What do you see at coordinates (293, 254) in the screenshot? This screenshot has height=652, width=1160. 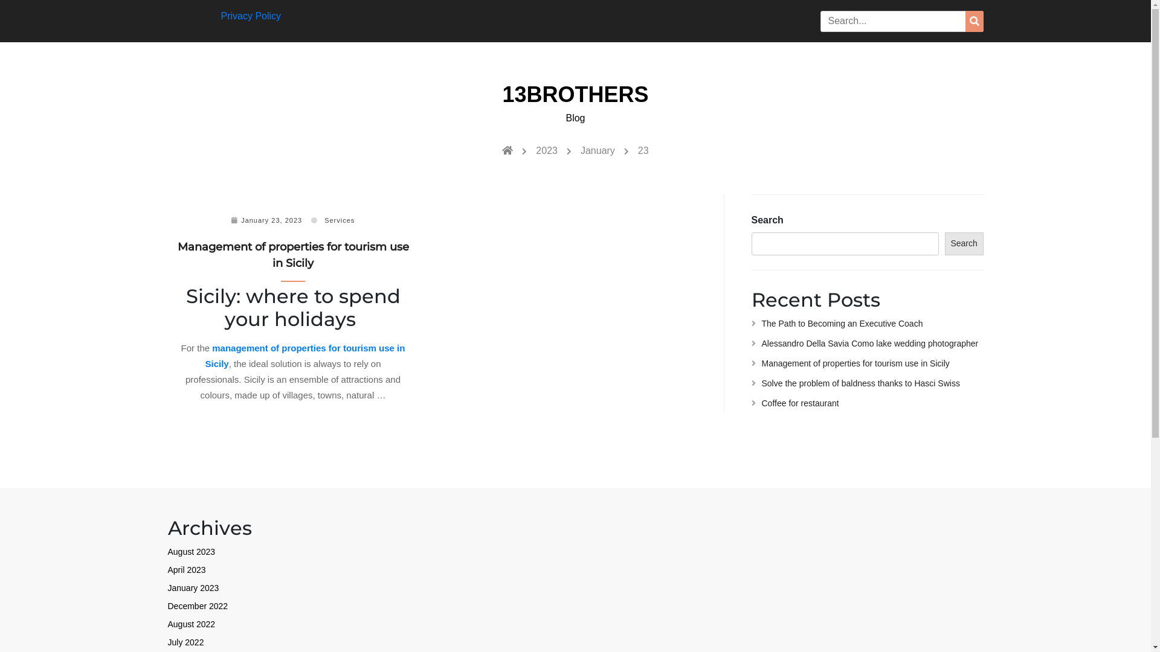 I see `'Management of properties for tourism use in Sicily'` at bounding box center [293, 254].